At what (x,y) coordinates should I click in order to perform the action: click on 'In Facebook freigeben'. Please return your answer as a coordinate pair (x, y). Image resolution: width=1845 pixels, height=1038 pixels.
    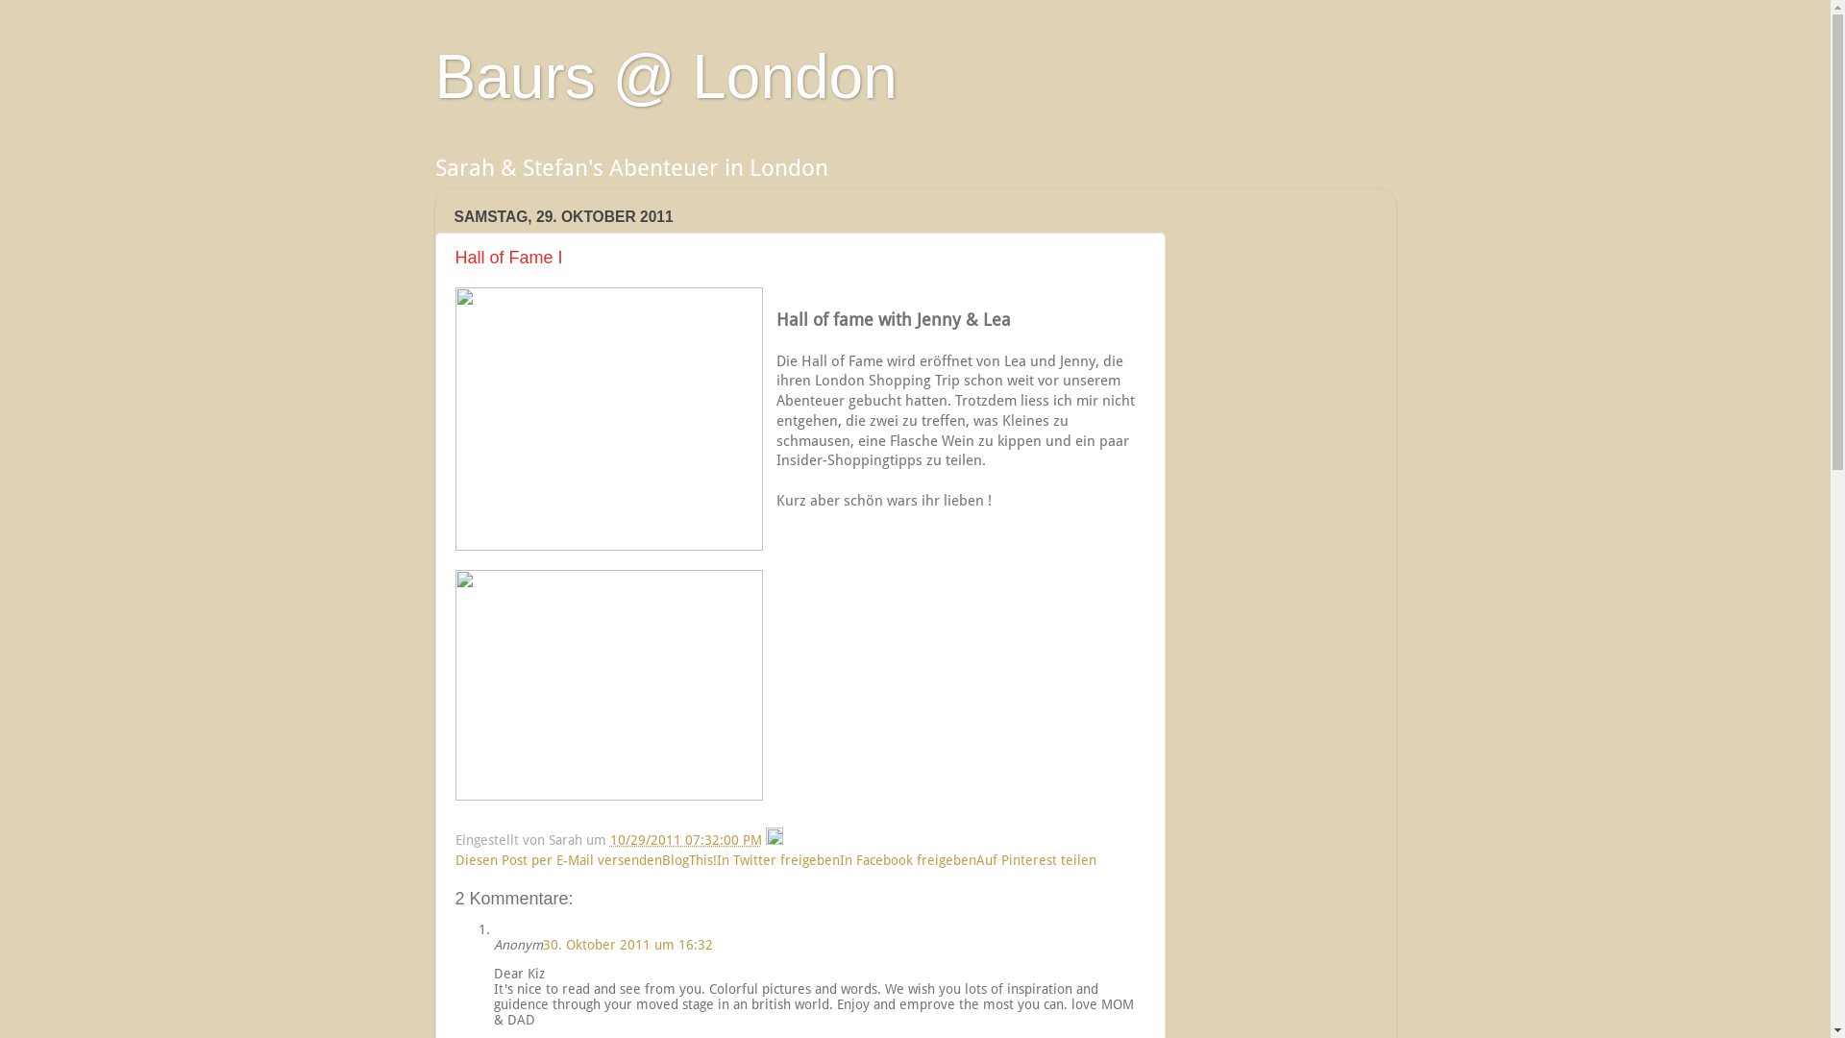
    Looking at the image, I should click on (907, 858).